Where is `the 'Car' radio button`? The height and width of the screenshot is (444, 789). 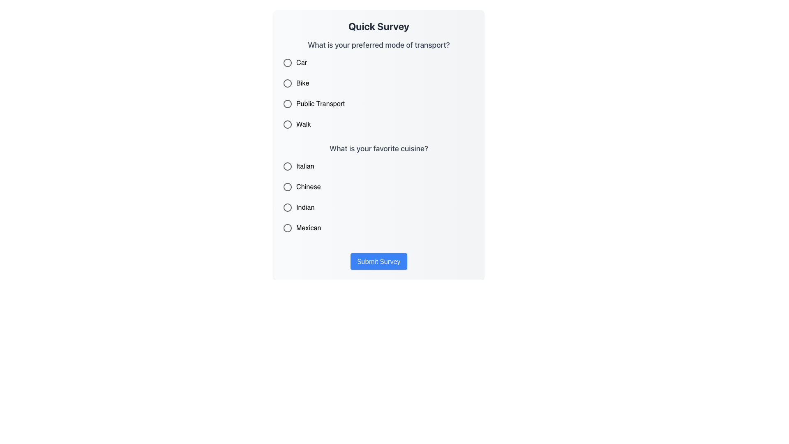
the 'Car' radio button is located at coordinates (373, 62).